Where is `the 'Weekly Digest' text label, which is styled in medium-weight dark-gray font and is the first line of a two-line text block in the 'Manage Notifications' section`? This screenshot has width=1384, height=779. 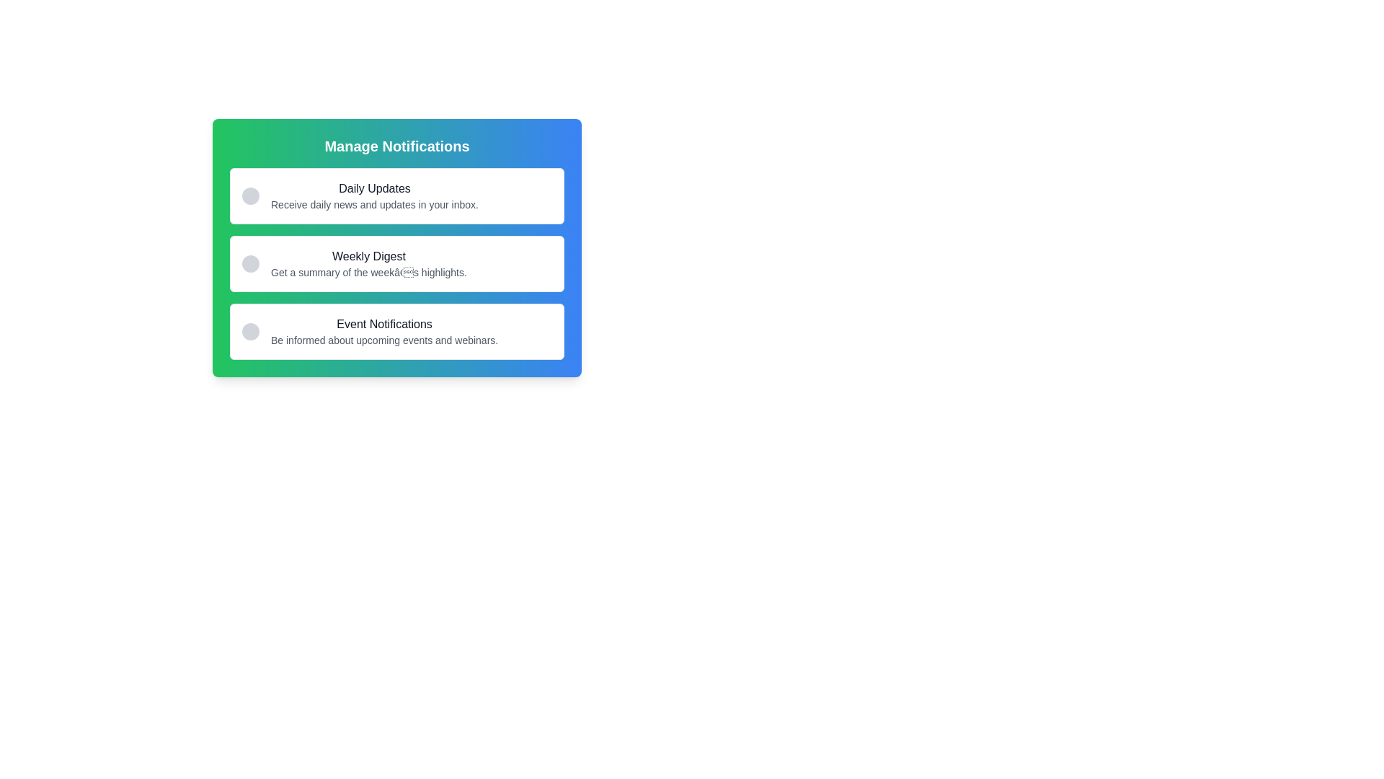
the 'Weekly Digest' text label, which is styled in medium-weight dark-gray font and is the first line of a two-line text block in the 'Manage Notifications' section is located at coordinates (368, 255).